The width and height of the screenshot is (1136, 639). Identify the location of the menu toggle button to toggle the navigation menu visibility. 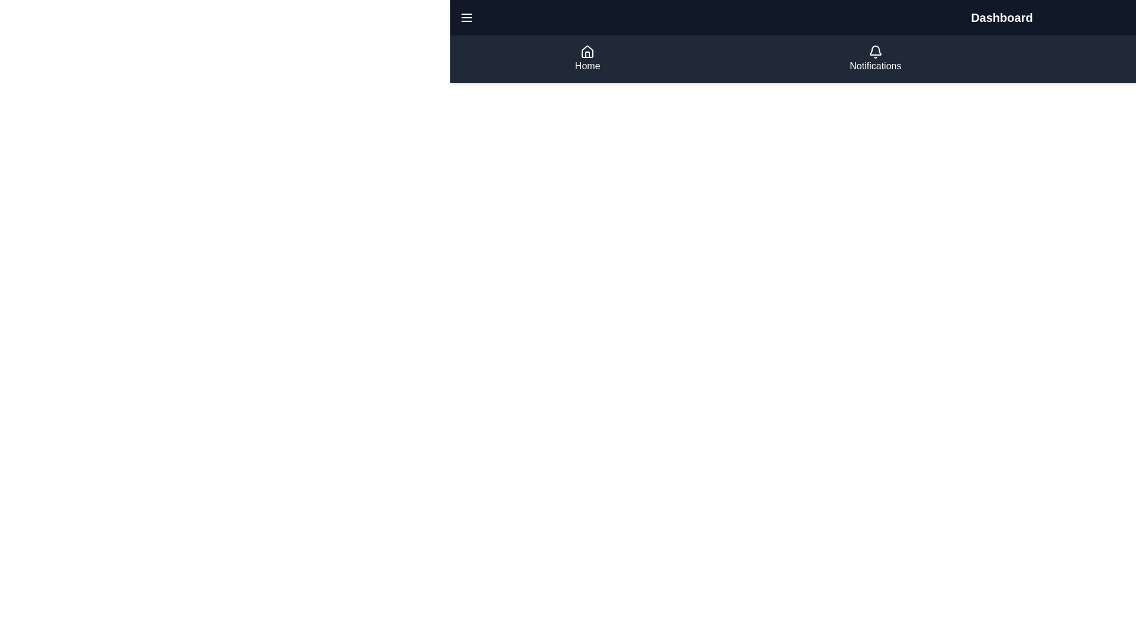
(466, 18).